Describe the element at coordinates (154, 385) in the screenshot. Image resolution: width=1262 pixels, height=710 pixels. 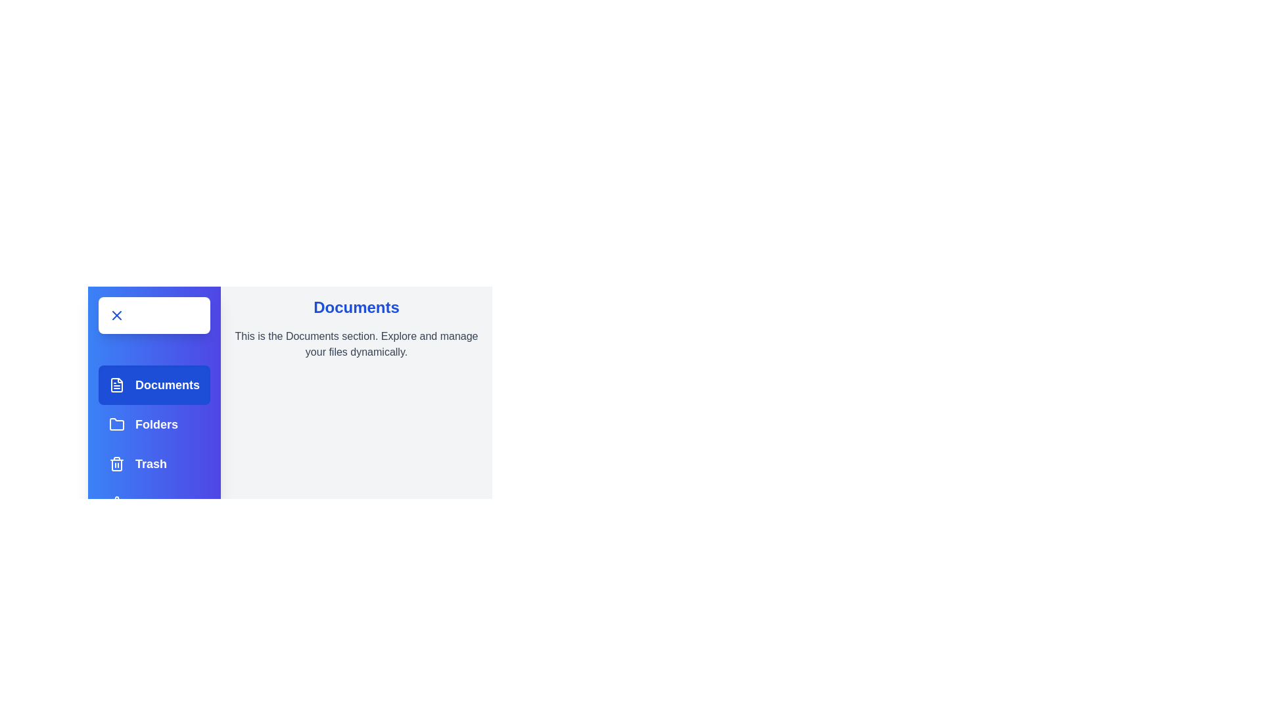
I see `the section Documents in the drawer` at that location.